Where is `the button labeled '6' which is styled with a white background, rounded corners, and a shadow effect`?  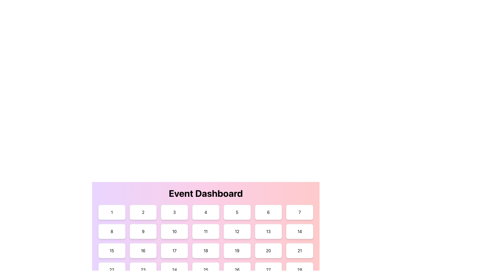
the button labeled '6' which is styled with a white background, rounded corners, and a shadow effect is located at coordinates (268, 212).